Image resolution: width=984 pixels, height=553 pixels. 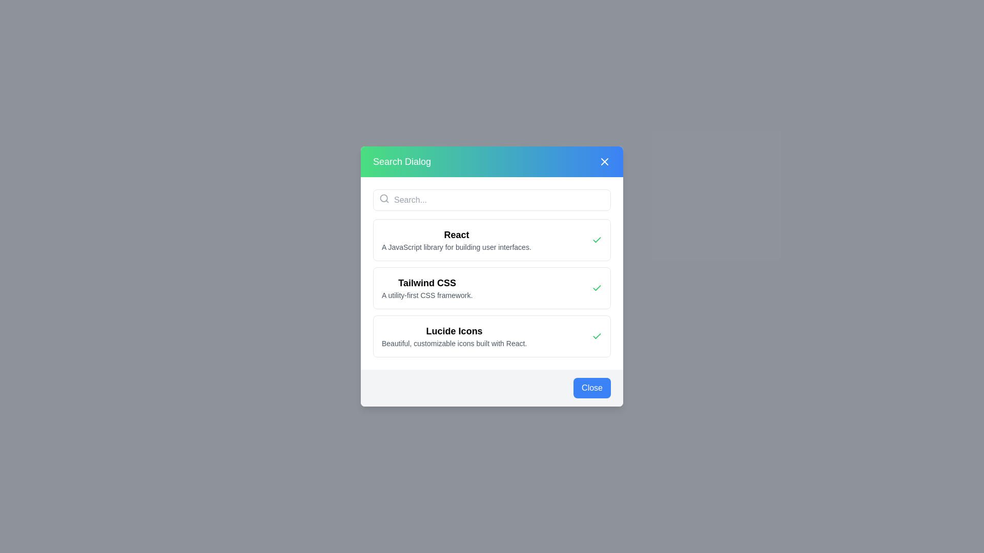 What do you see at coordinates (492, 240) in the screenshot?
I see `the first card element titled 'React' in the vertical list` at bounding box center [492, 240].